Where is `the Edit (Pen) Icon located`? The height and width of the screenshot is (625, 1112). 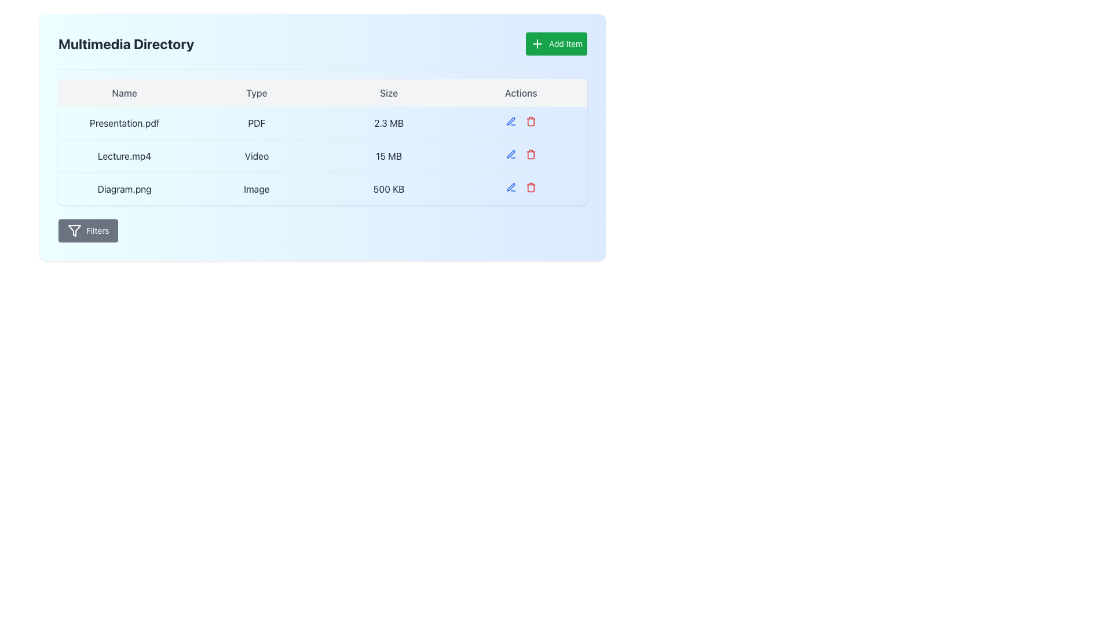
the Edit (Pen) Icon located is located at coordinates (510, 153).